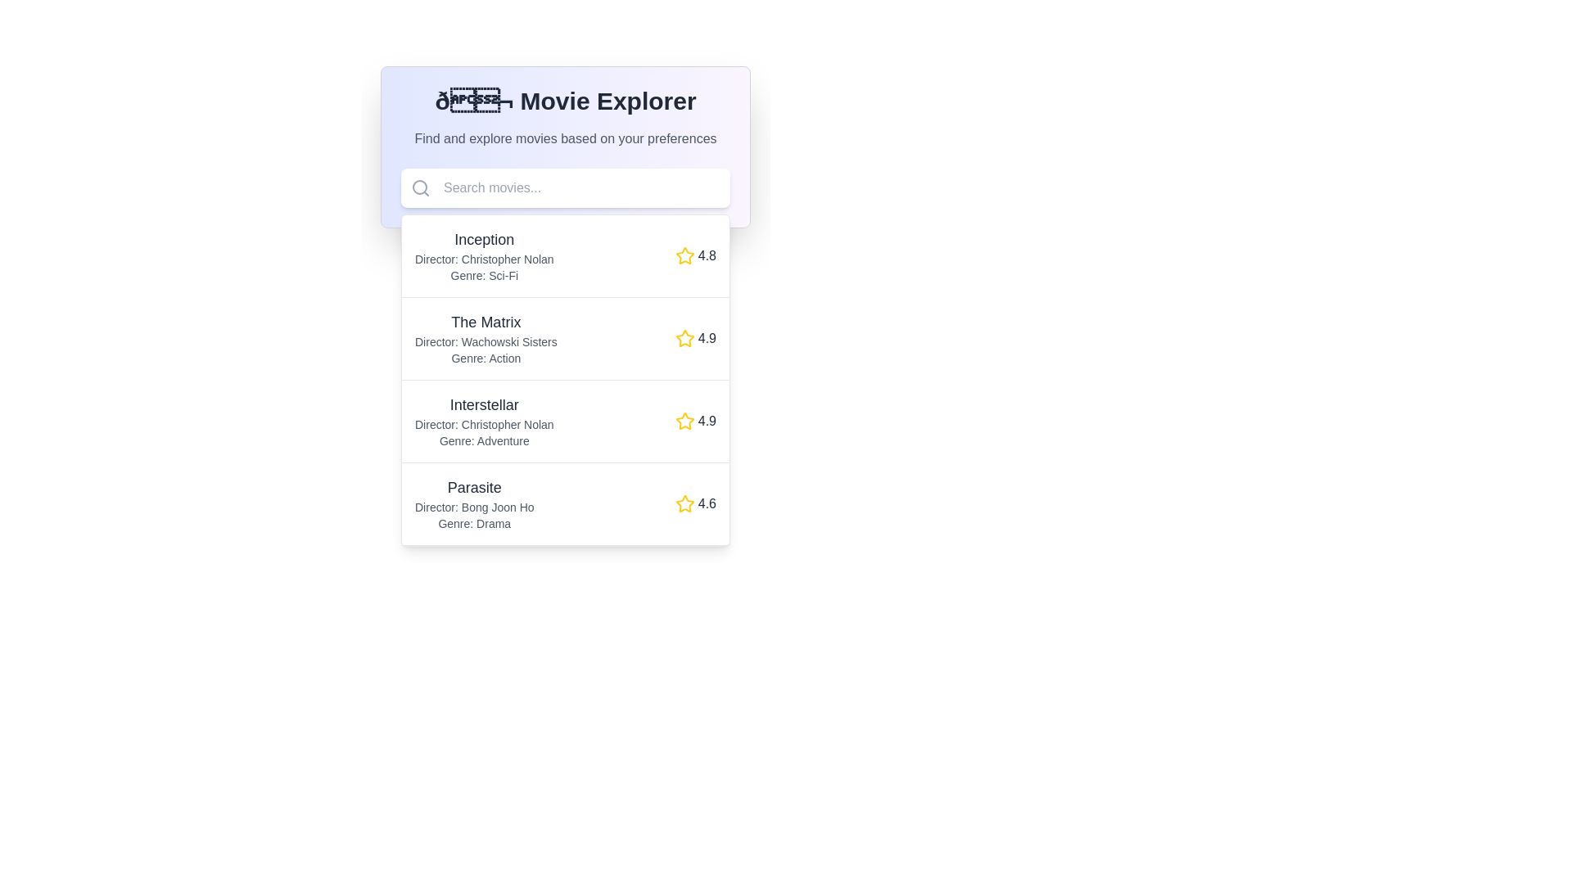  I want to click on the Rating Icon (Star) representing the score for the movie 'Interstellar' with a rating of '4.9', located in the third row from the top, so click(684, 421).